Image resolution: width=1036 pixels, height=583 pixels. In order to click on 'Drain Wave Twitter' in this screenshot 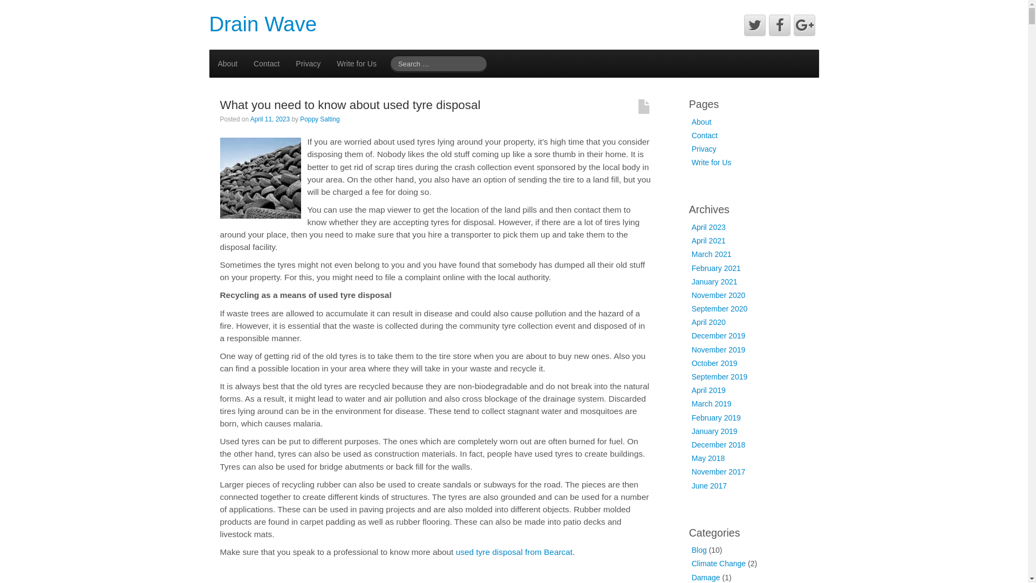, I will do `click(754, 24)`.